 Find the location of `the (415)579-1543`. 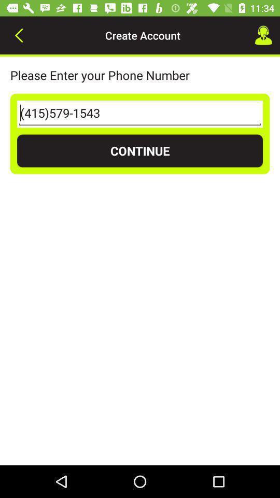

the (415)579-1543 is located at coordinates (140, 114).